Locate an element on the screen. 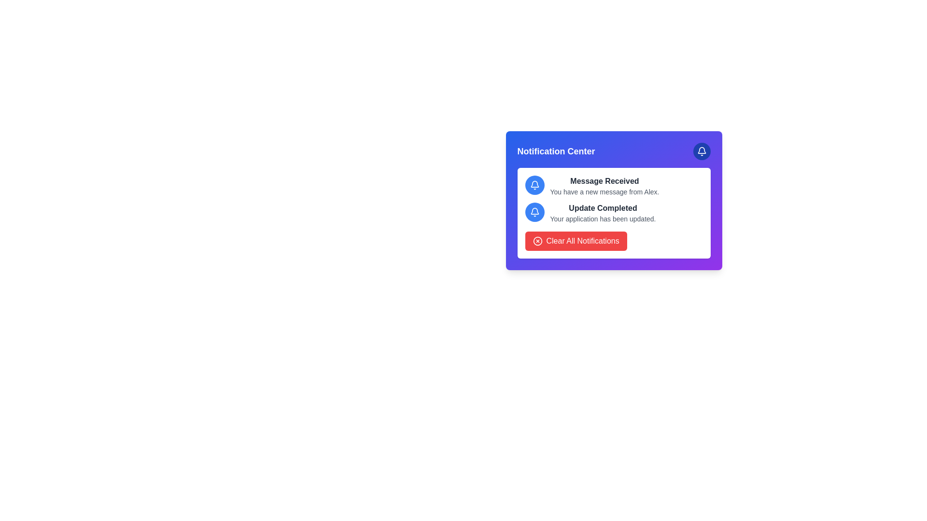 This screenshot has height=521, width=927. the red button labeled 'Clear All Notifications' located at the bottom-right corner of the notification panel to clear all notifications is located at coordinates (582, 241).